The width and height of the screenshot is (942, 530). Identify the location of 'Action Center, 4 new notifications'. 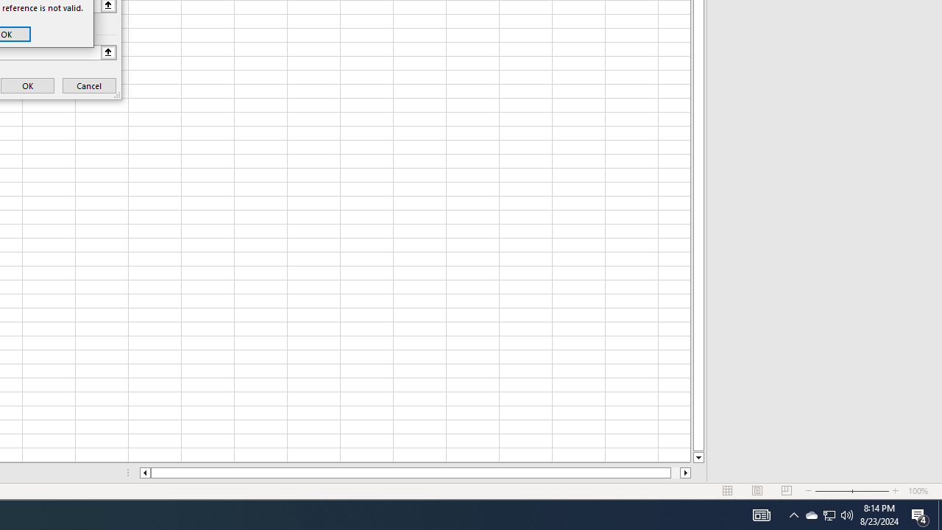
(920, 514).